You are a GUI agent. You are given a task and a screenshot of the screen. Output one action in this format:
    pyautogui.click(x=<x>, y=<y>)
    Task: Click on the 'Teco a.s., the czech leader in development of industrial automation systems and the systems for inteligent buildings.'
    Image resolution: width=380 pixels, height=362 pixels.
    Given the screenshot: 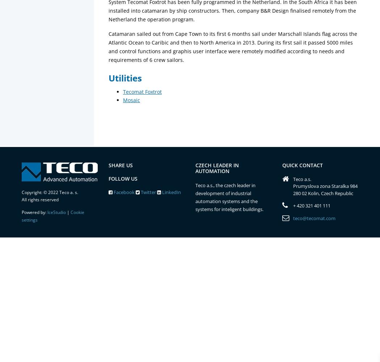 What is the action you would take?
    pyautogui.click(x=195, y=197)
    